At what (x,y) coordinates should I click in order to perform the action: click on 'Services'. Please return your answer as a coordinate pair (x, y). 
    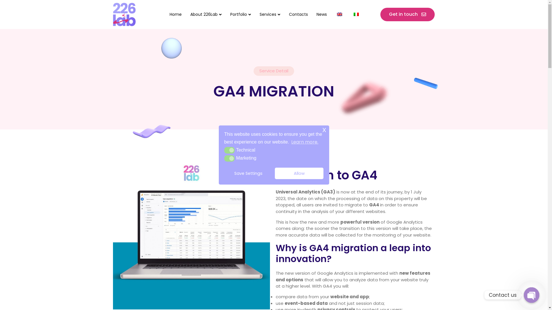
    Looking at the image, I should click on (255, 14).